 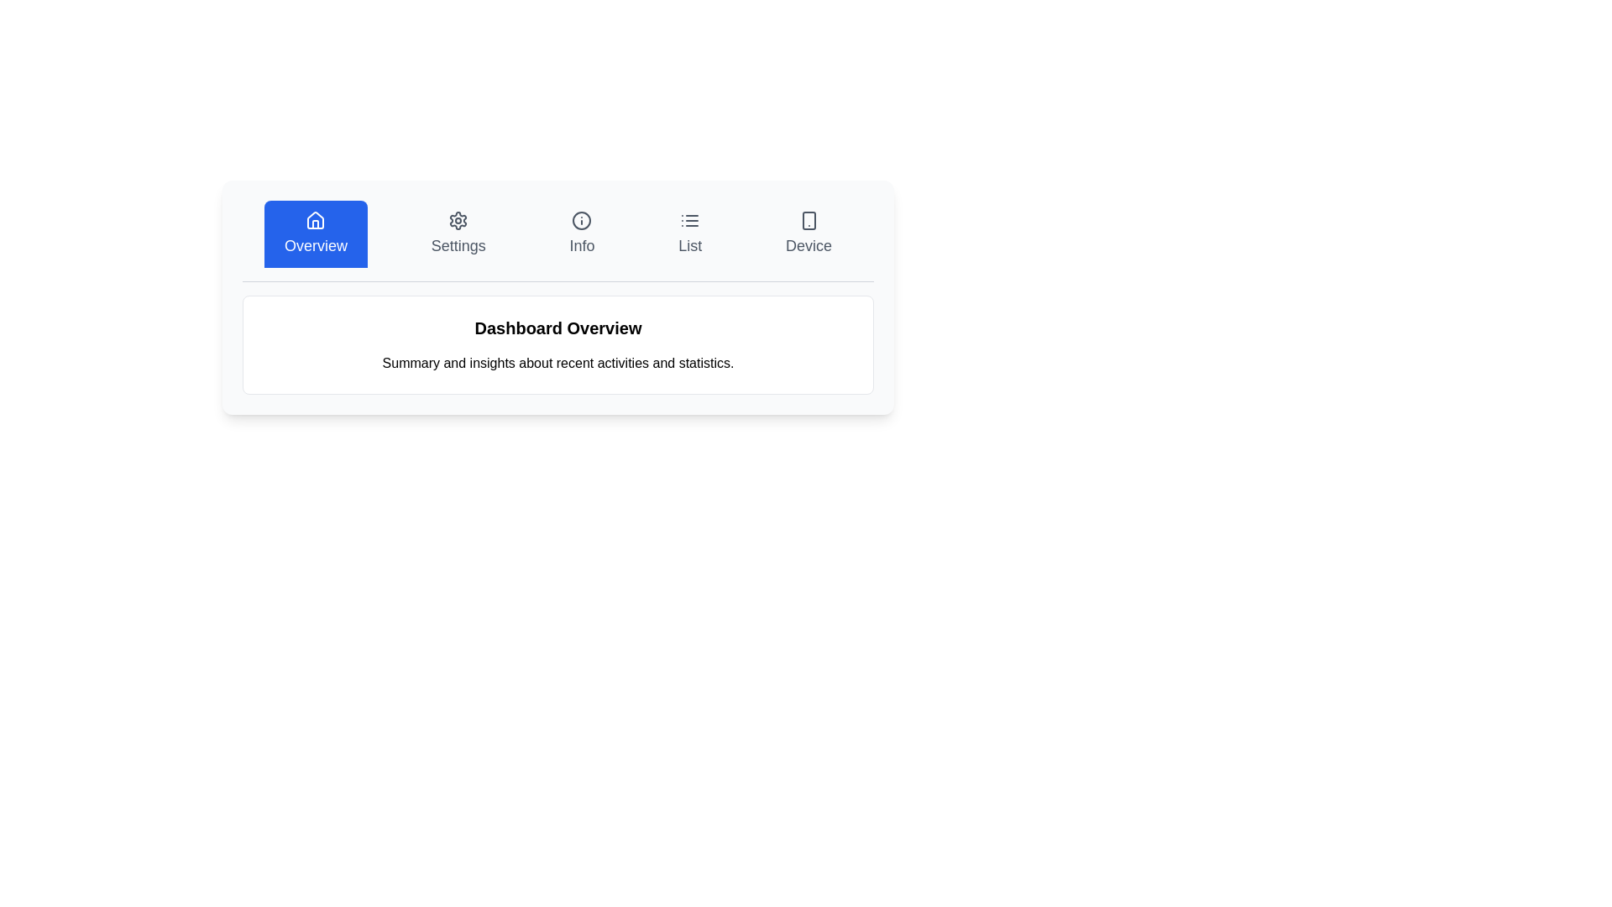 I want to click on the cogwheel-shaped icon in the 'Settings' menu, so click(x=458, y=219).